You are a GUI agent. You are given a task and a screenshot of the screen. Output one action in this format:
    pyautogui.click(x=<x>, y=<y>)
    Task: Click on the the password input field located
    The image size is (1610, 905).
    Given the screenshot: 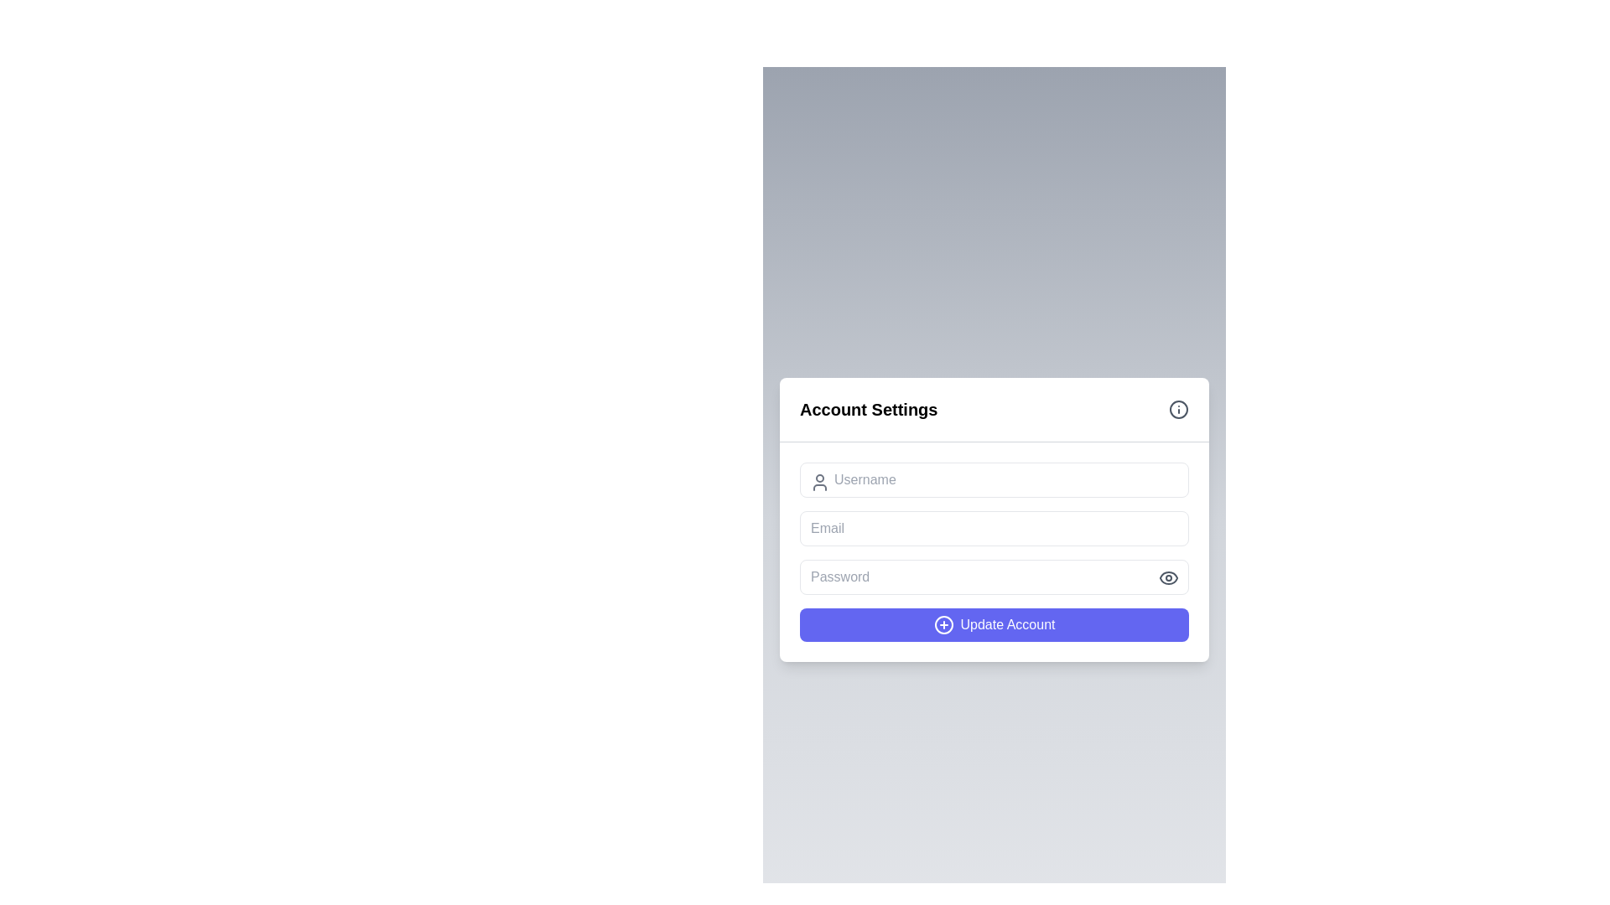 What is the action you would take?
    pyautogui.click(x=994, y=575)
    